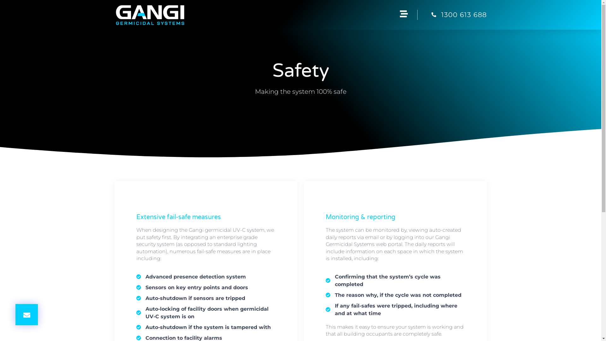  What do you see at coordinates (452, 14) in the screenshot?
I see `'1300 613 688'` at bounding box center [452, 14].